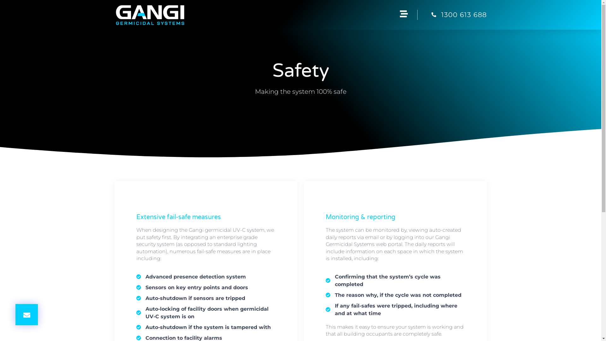  What do you see at coordinates (452, 14) in the screenshot?
I see `'1300 613 688'` at bounding box center [452, 14].